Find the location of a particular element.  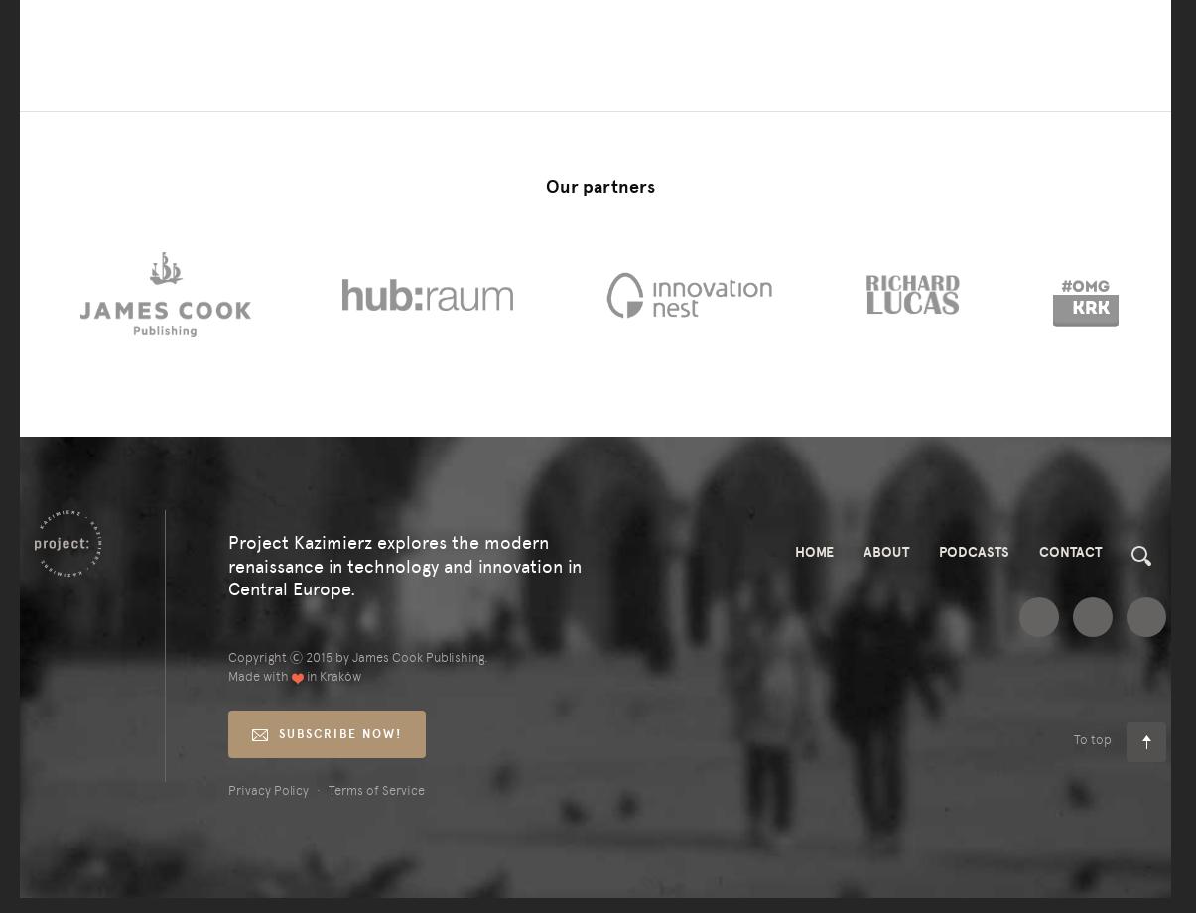

'subscribe now!' is located at coordinates (336, 733).